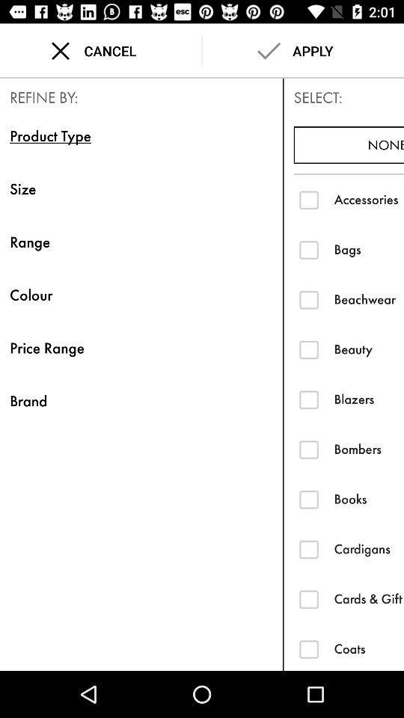 Image resolution: width=404 pixels, height=718 pixels. What do you see at coordinates (308, 499) in the screenshot?
I see `books` at bounding box center [308, 499].